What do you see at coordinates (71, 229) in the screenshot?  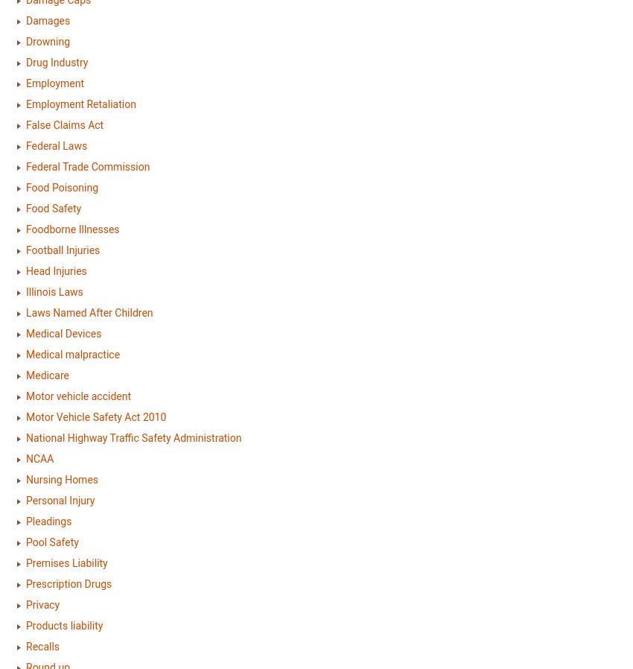 I see `'Foodborne Illnesses'` at bounding box center [71, 229].